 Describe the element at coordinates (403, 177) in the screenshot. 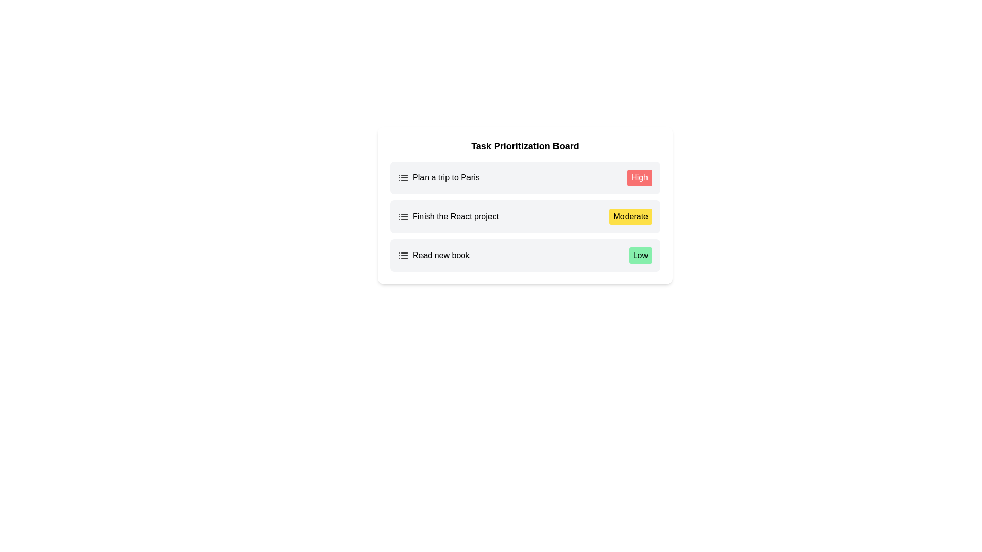

I see `the visual indicator icon located on the left side of the first row in the vertical list, adjacent to the text 'Plan a trip to Paris'` at that location.